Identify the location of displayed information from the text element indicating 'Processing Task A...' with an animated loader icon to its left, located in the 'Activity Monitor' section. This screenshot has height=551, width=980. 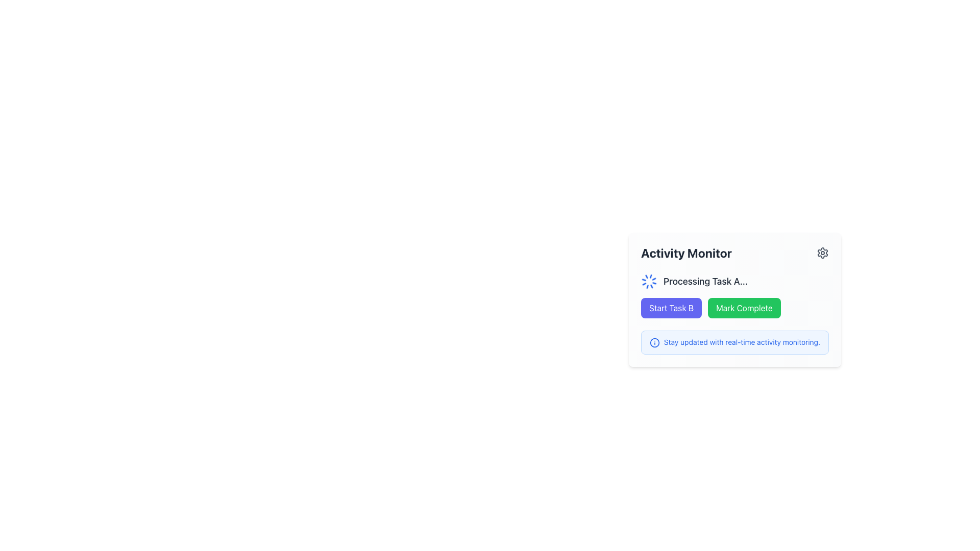
(735, 281).